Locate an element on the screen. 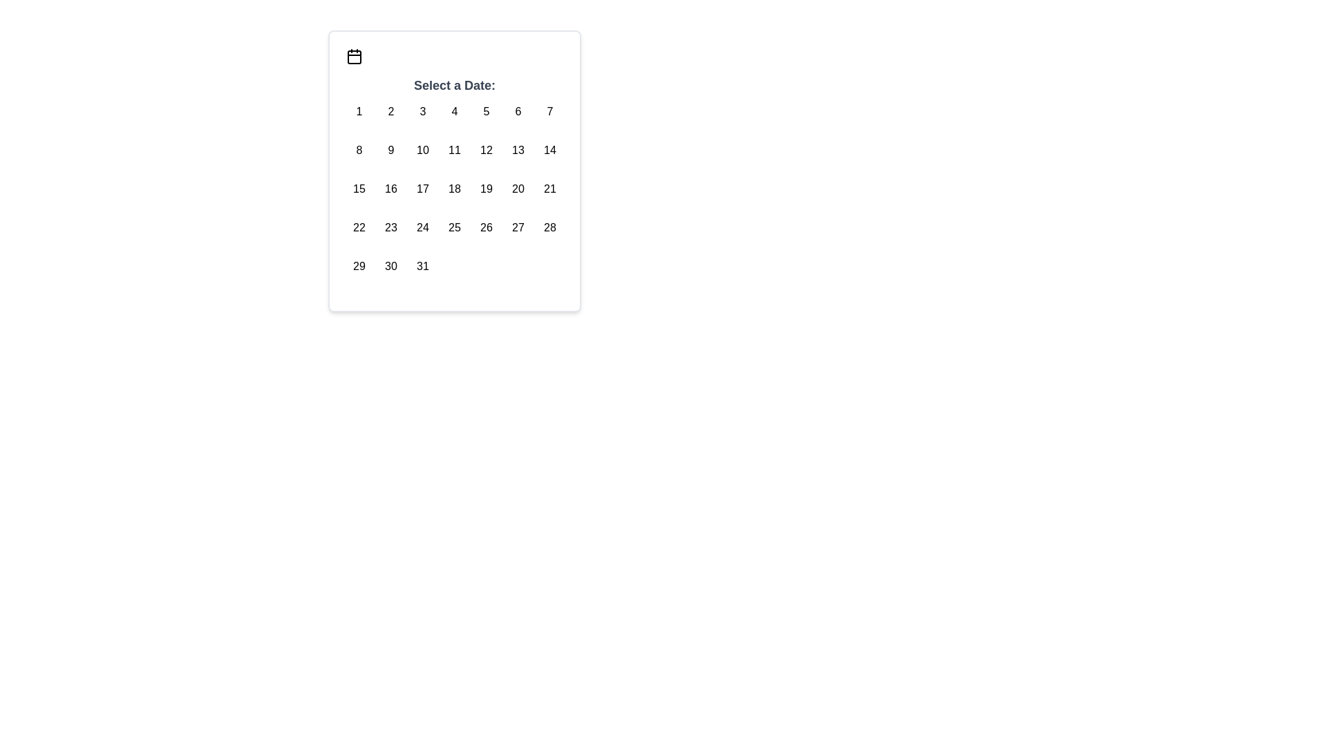 Image resolution: width=1327 pixels, height=746 pixels. the button representing the 15th day in the calendar view is located at coordinates (359, 189).